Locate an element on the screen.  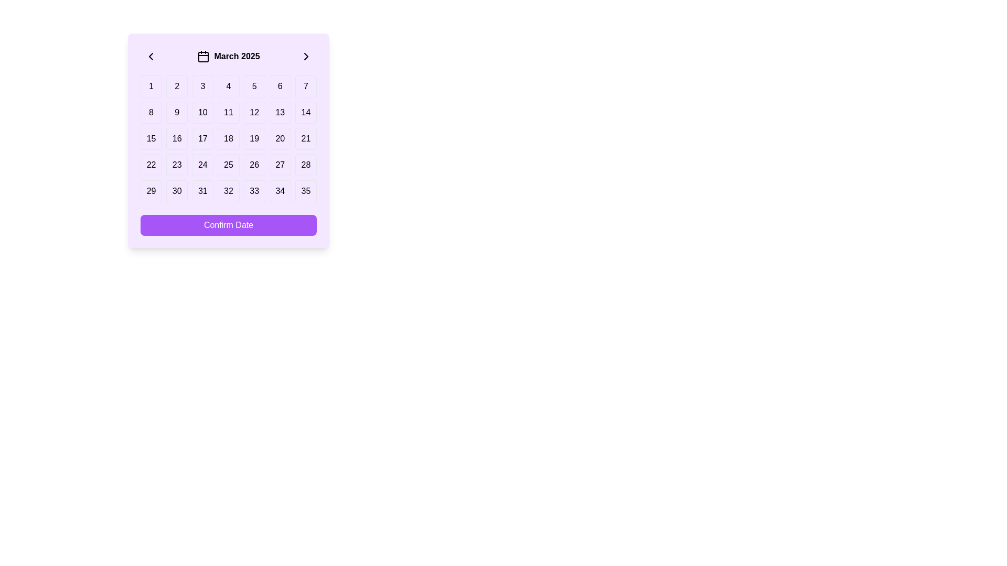
the Calendar date cell displaying the number '28' with a light purple background is located at coordinates (305, 165).